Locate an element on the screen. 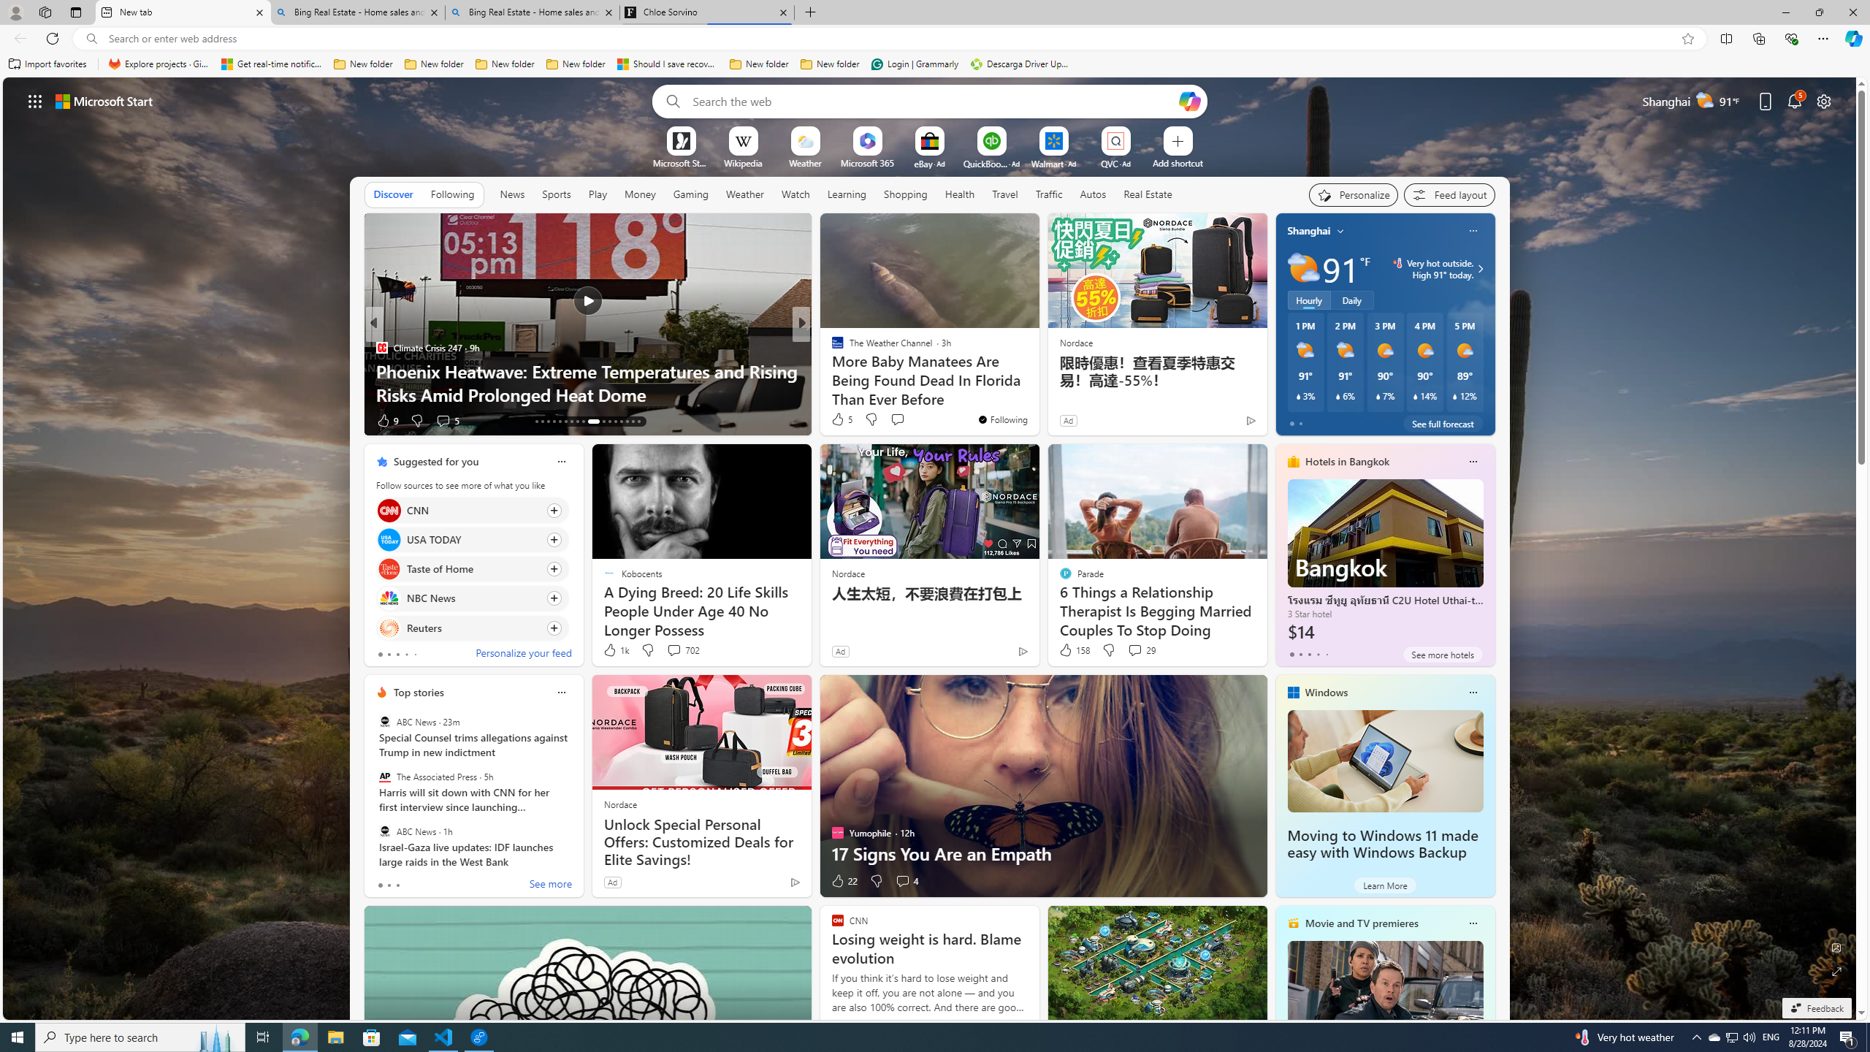 The height and width of the screenshot is (1052, 1870). '151 Like' is located at coordinates (841, 420).